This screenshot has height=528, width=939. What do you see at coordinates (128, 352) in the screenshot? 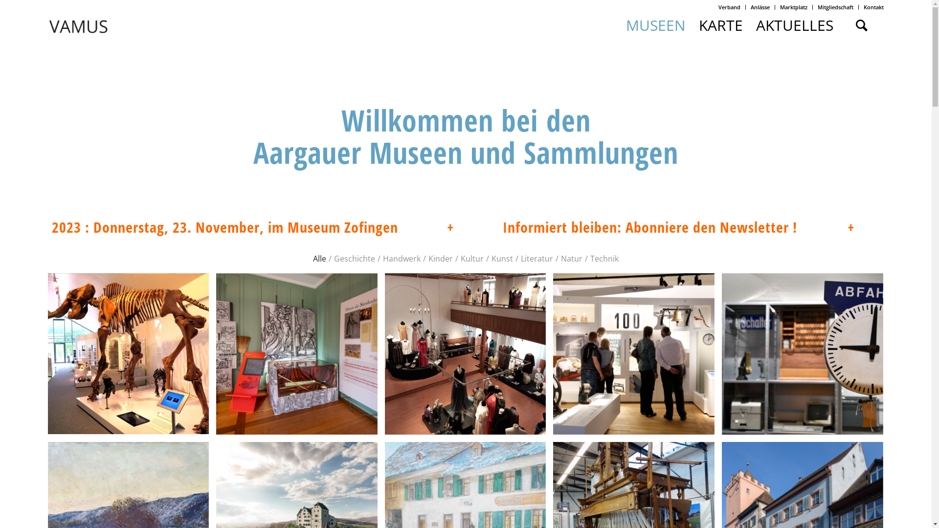
I see `'Mammutmuseum Niederweningen'` at bounding box center [128, 352].